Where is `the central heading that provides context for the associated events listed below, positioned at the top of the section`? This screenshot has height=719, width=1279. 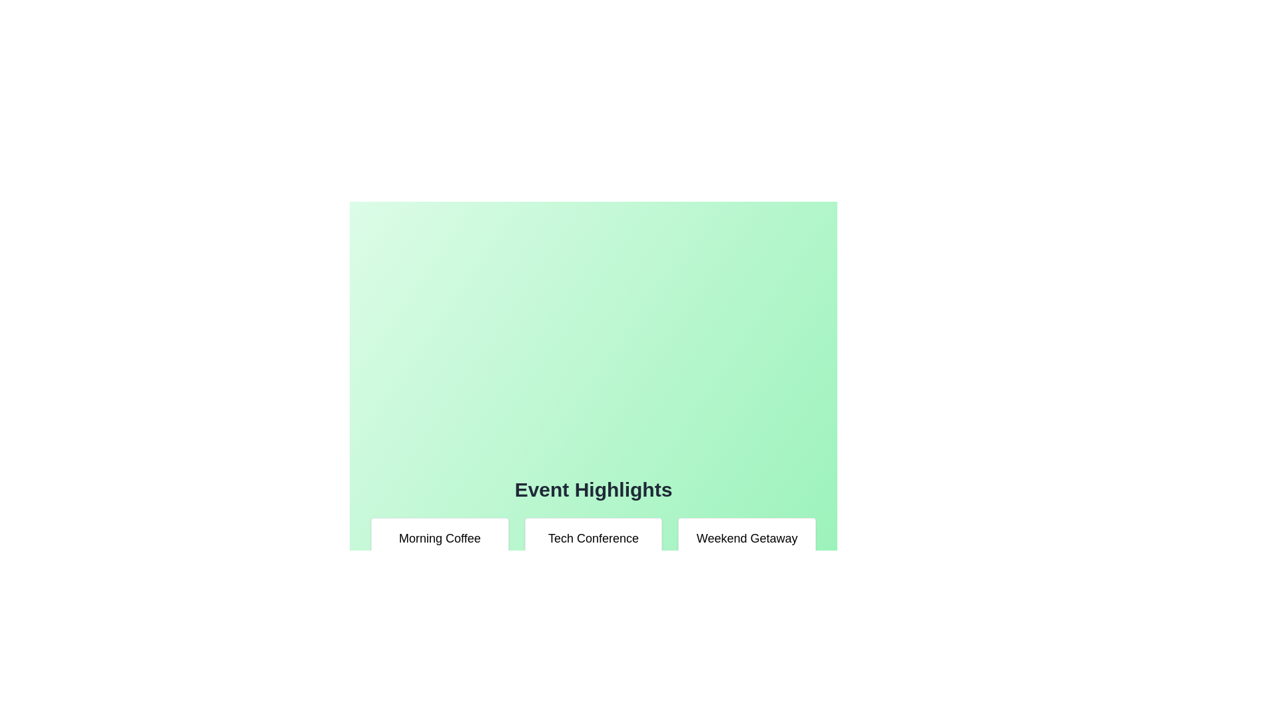 the central heading that provides context for the associated events listed below, positioned at the top of the section is located at coordinates (593, 490).